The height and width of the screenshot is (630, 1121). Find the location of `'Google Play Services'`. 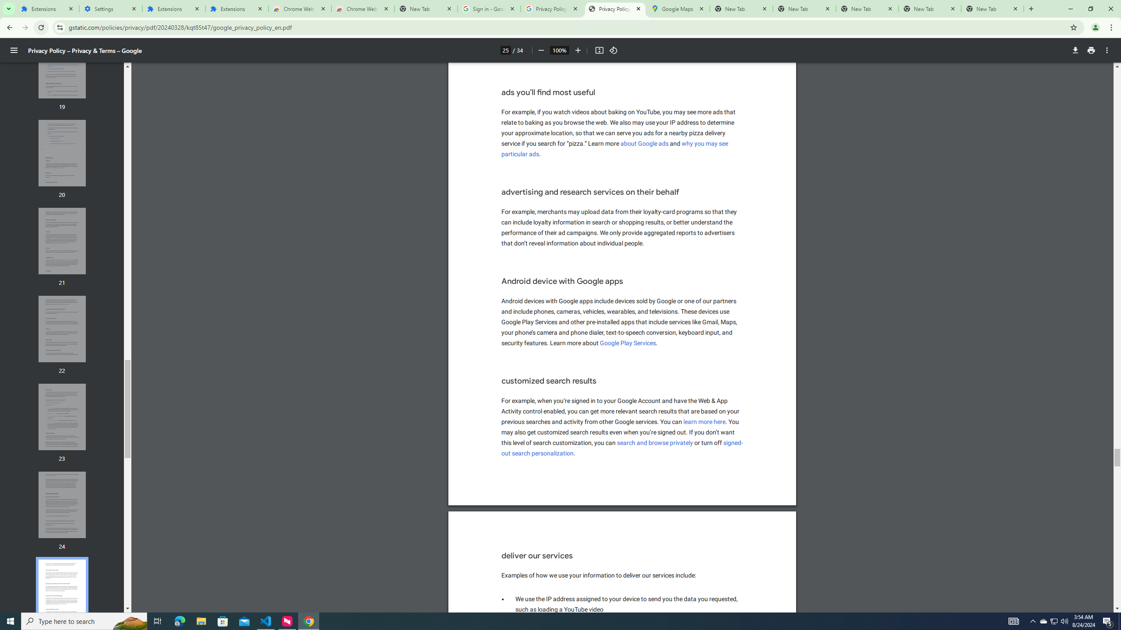

'Google Play Services' is located at coordinates (628, 343).